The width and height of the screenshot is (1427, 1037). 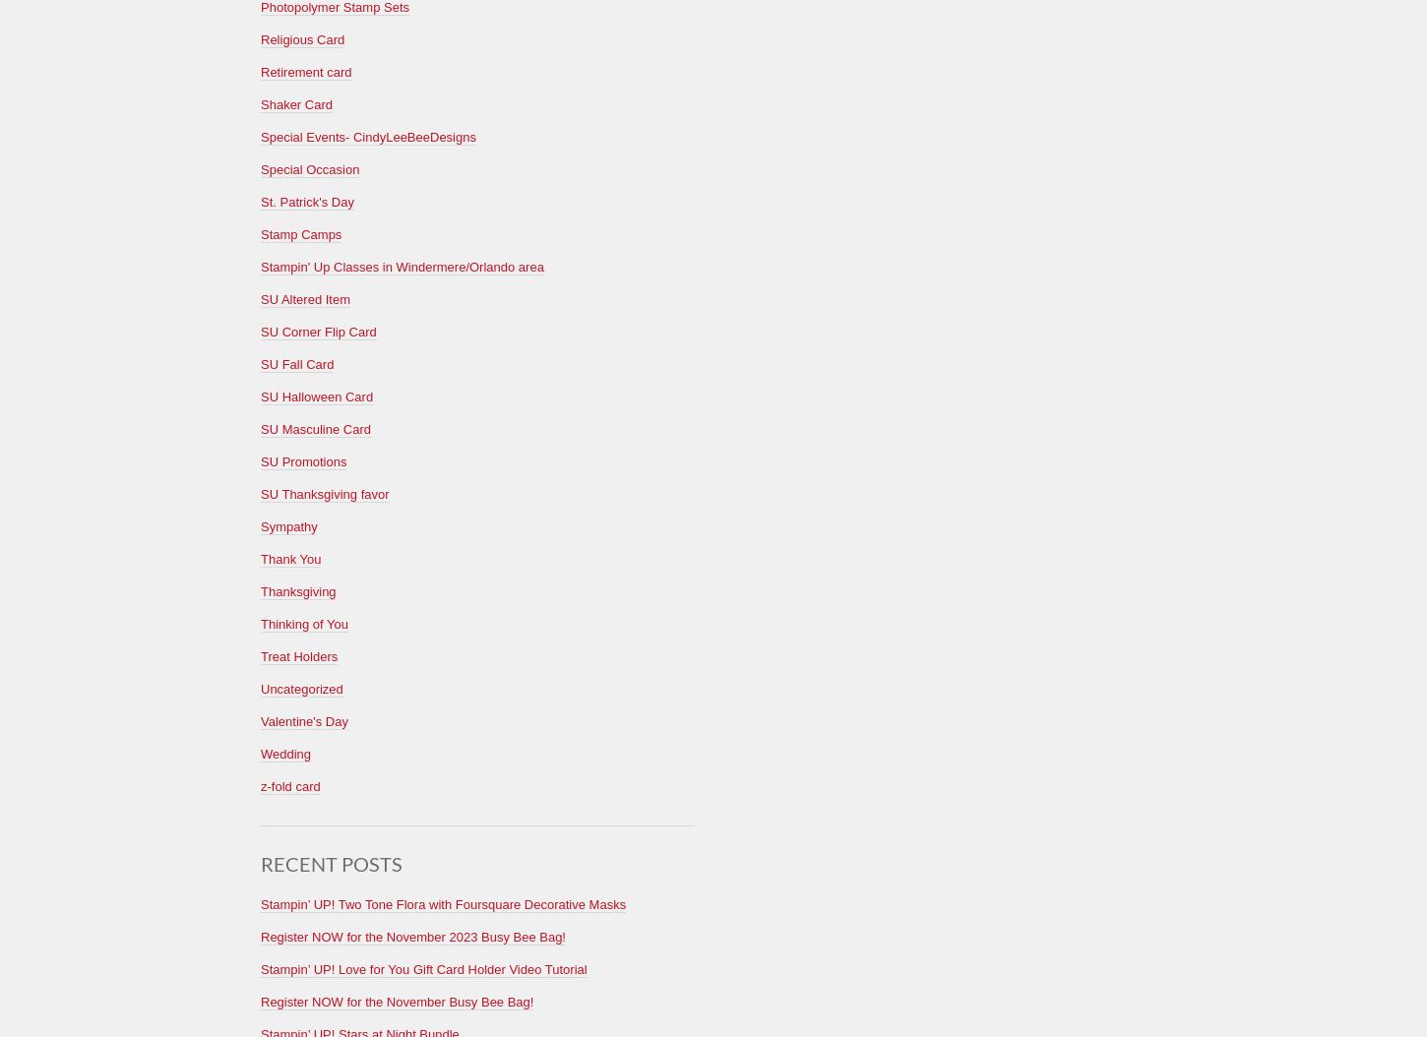 What do you see at coordinates (303, 460) in the screenshot?
I see `'SU Promotions'` at bounding box center [303, 460].